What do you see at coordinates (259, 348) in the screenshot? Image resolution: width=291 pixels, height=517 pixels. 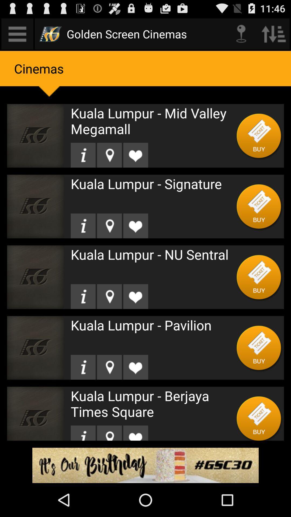 I see `buy ticket` at bounding box center [259, 348].